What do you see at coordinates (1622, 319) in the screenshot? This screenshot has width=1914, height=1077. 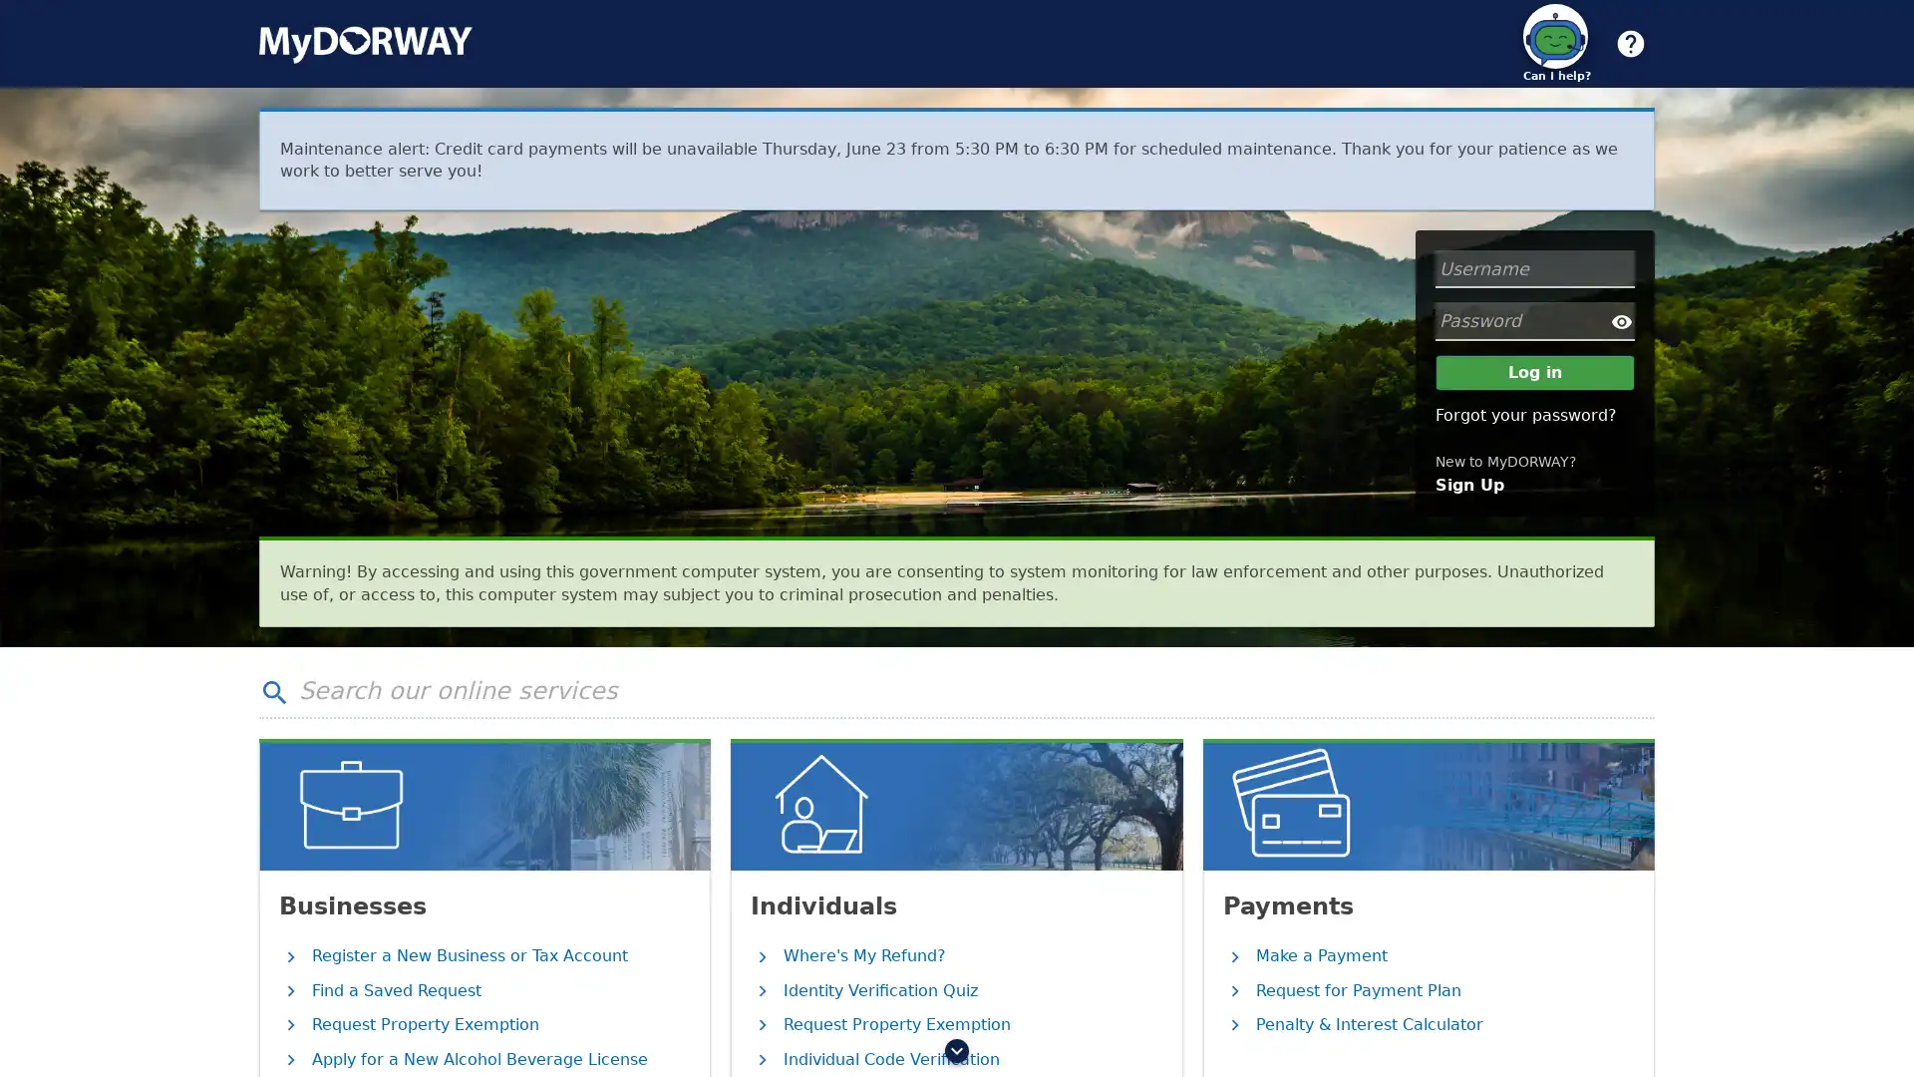 I see `Show/Hide Password` at bounding box center [1622, 319].